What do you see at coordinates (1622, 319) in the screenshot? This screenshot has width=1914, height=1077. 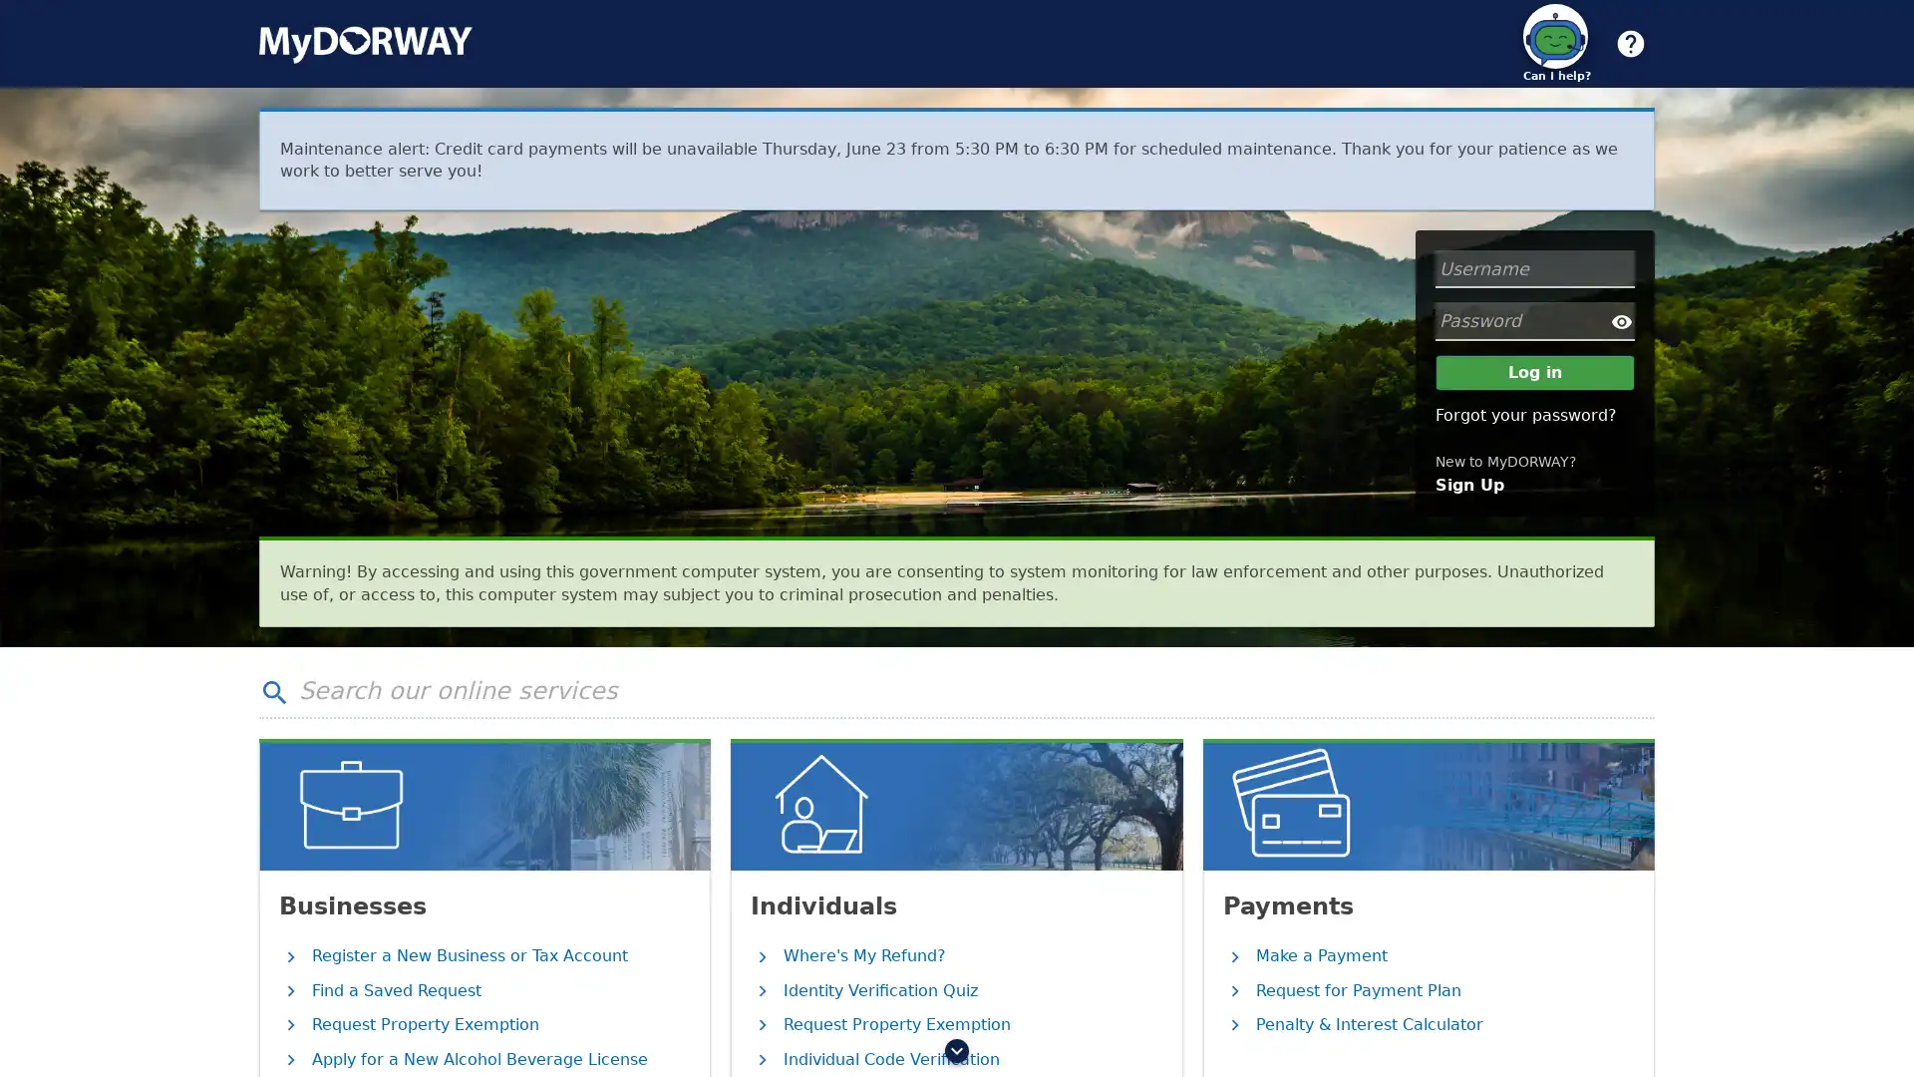 I see `Show/Hide Password` at bounding box center [1622, 319].